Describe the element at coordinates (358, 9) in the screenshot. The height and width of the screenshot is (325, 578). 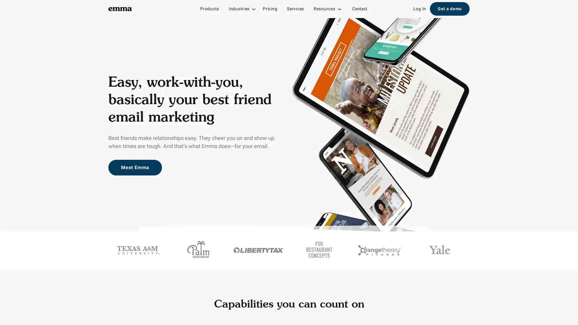
I see `Contact` at that location.